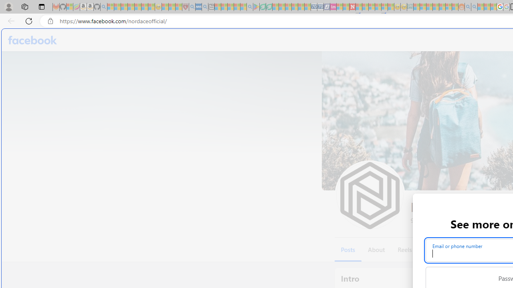  Describe the element at coordinates (442, 7) in the screenshot. I see `'Kinda Frugal - MSN - Sleeping'` at that location.